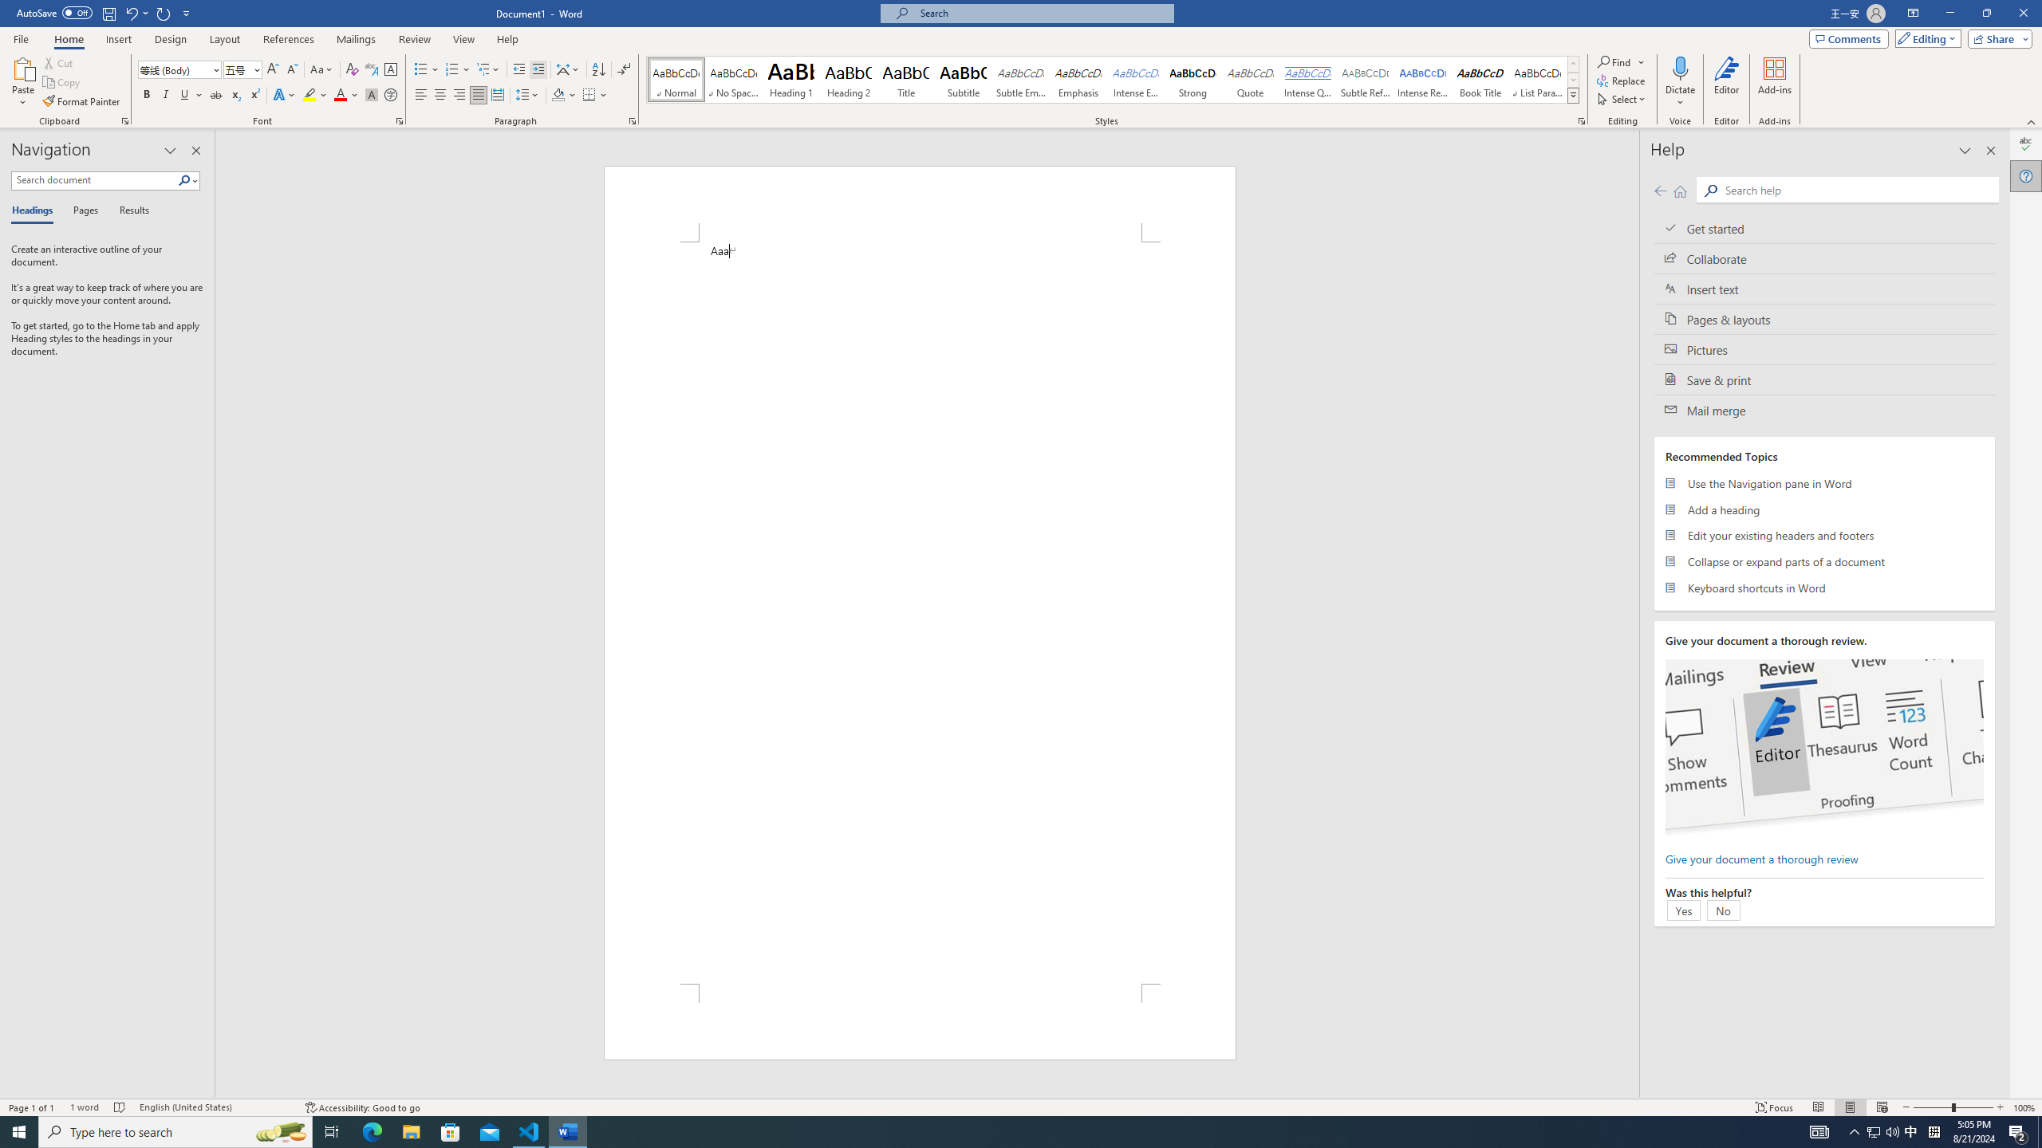  What do you see at coordinates (1823, 482) in the screenshot?
I see `'Use the Navigation pane in Word'` at bounding box center [1823, 482].